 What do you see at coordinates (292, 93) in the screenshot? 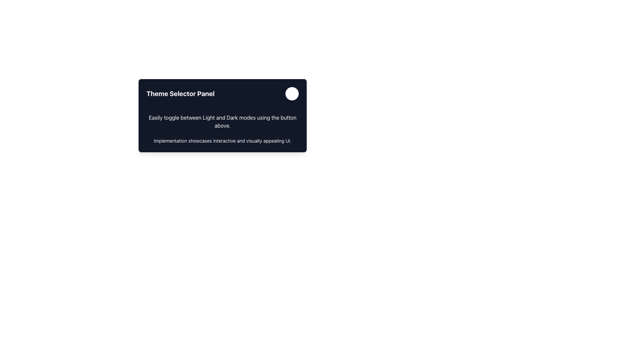
I see `the theme toggle button located on the far-right side of the 'Theme Selector Panel'` at bounding box center [292, 93].